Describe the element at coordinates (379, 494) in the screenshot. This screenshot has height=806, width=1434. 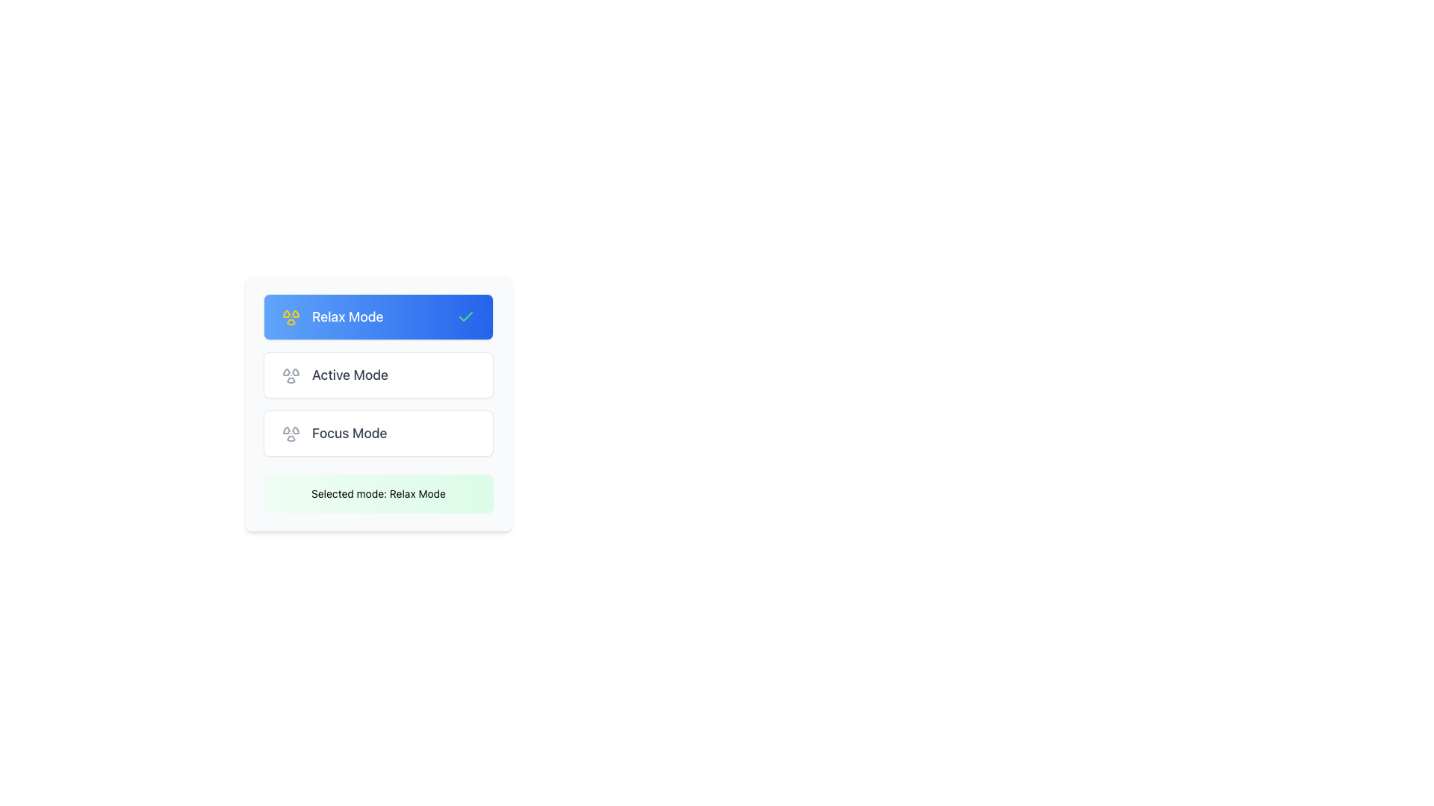
I see `displayed text from the Text label indicating the currently selected mode, which is 'Relax Mode'. This label is non-interactive and located below the selectable options` at that location.